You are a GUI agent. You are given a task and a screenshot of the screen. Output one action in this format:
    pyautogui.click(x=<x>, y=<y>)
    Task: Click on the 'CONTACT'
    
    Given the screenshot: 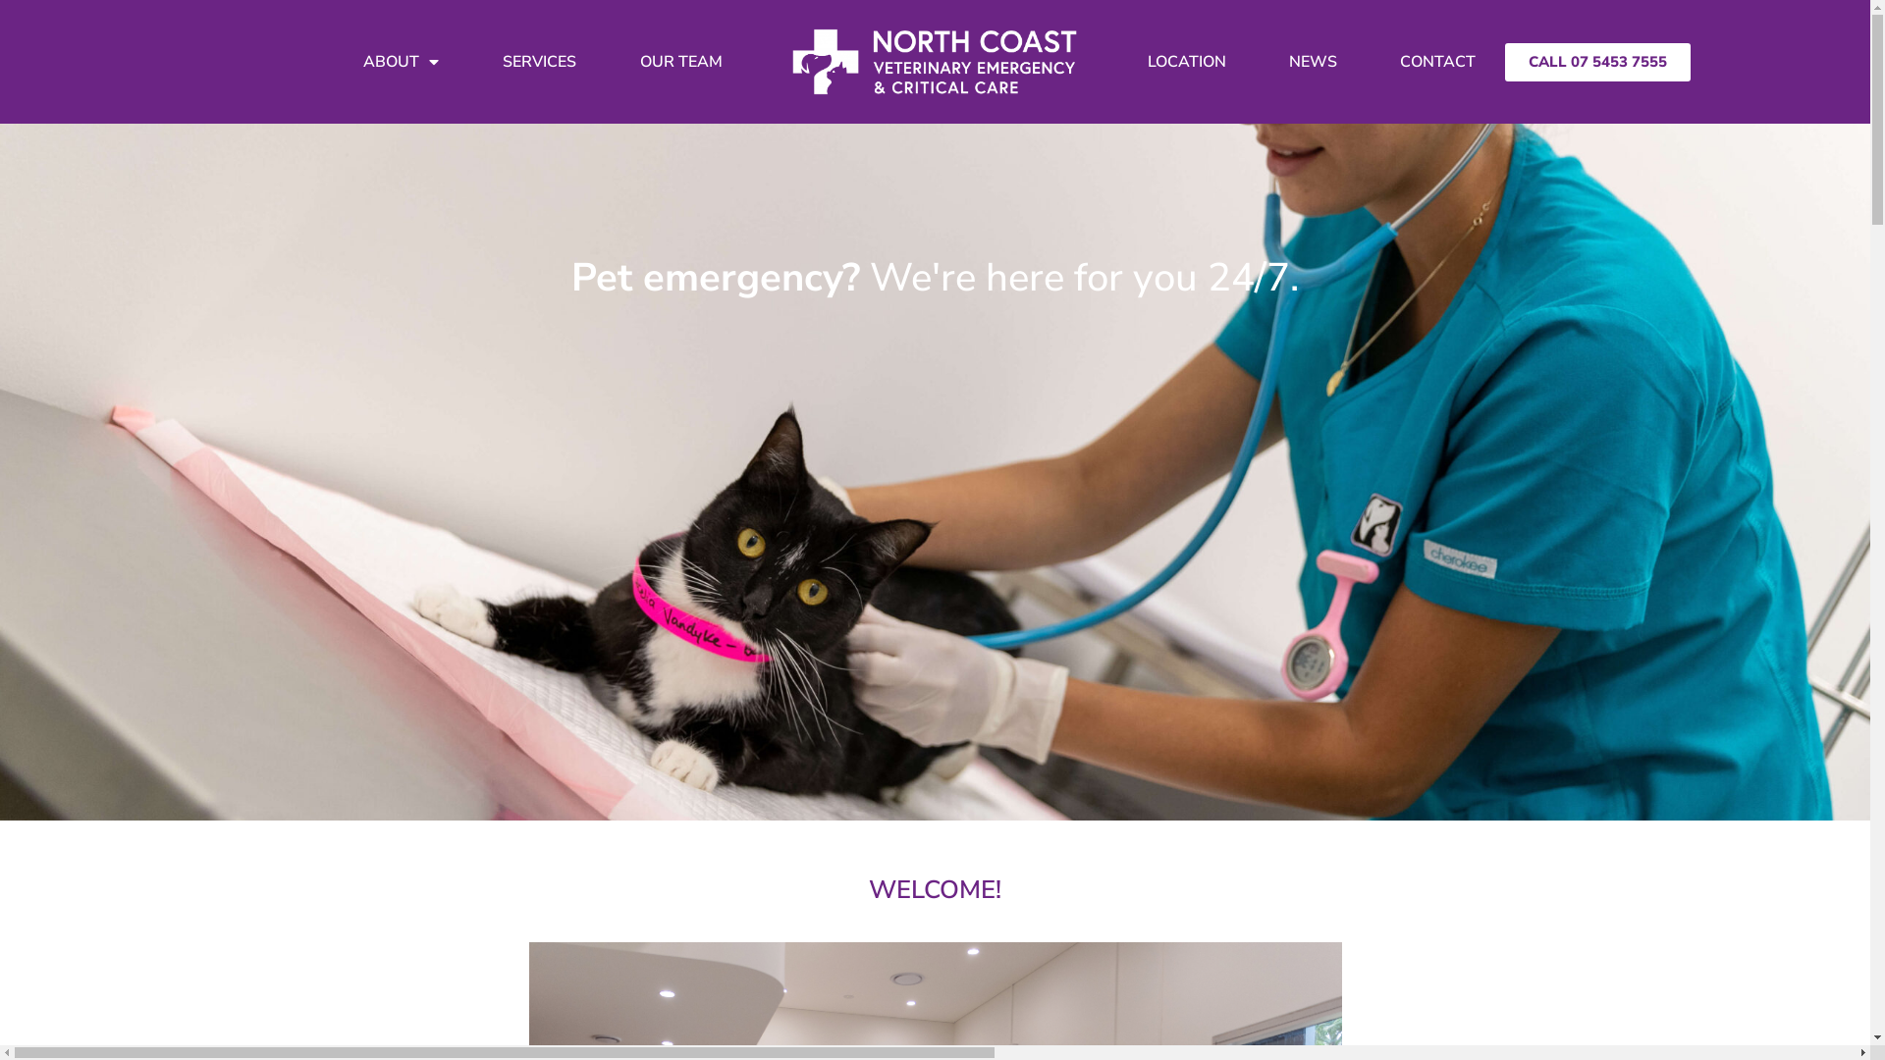 What is the action you would take?
    pyautogui.click(x=1437, y=60)
    